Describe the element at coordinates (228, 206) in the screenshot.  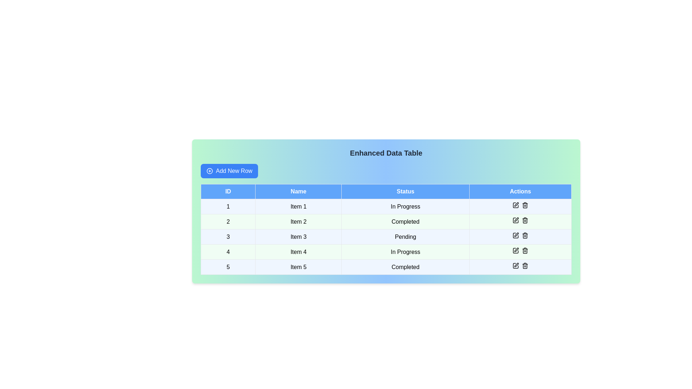
I see `the Text label that displays the identifier or position number of the first entry in the 'ID' column of the data table, located at the top-left corner of the table` at that location.